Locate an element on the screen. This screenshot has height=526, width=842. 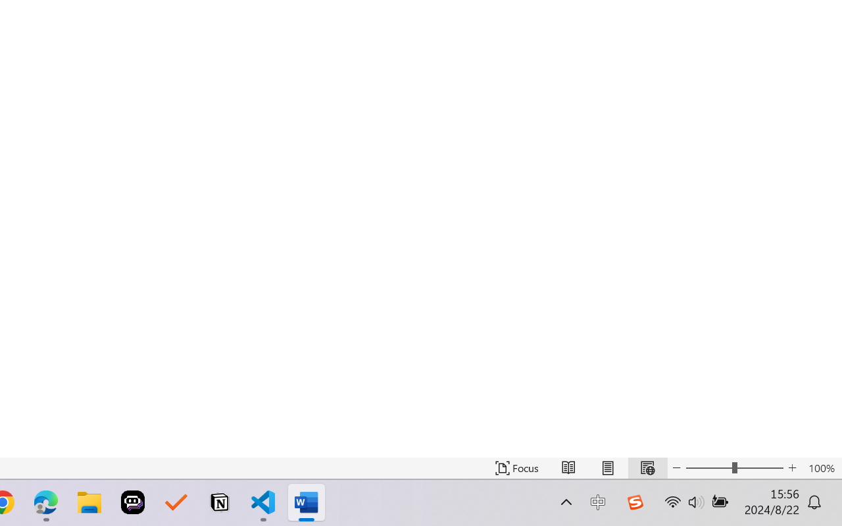
'Read Mode' is located at coordinates (568, 467).